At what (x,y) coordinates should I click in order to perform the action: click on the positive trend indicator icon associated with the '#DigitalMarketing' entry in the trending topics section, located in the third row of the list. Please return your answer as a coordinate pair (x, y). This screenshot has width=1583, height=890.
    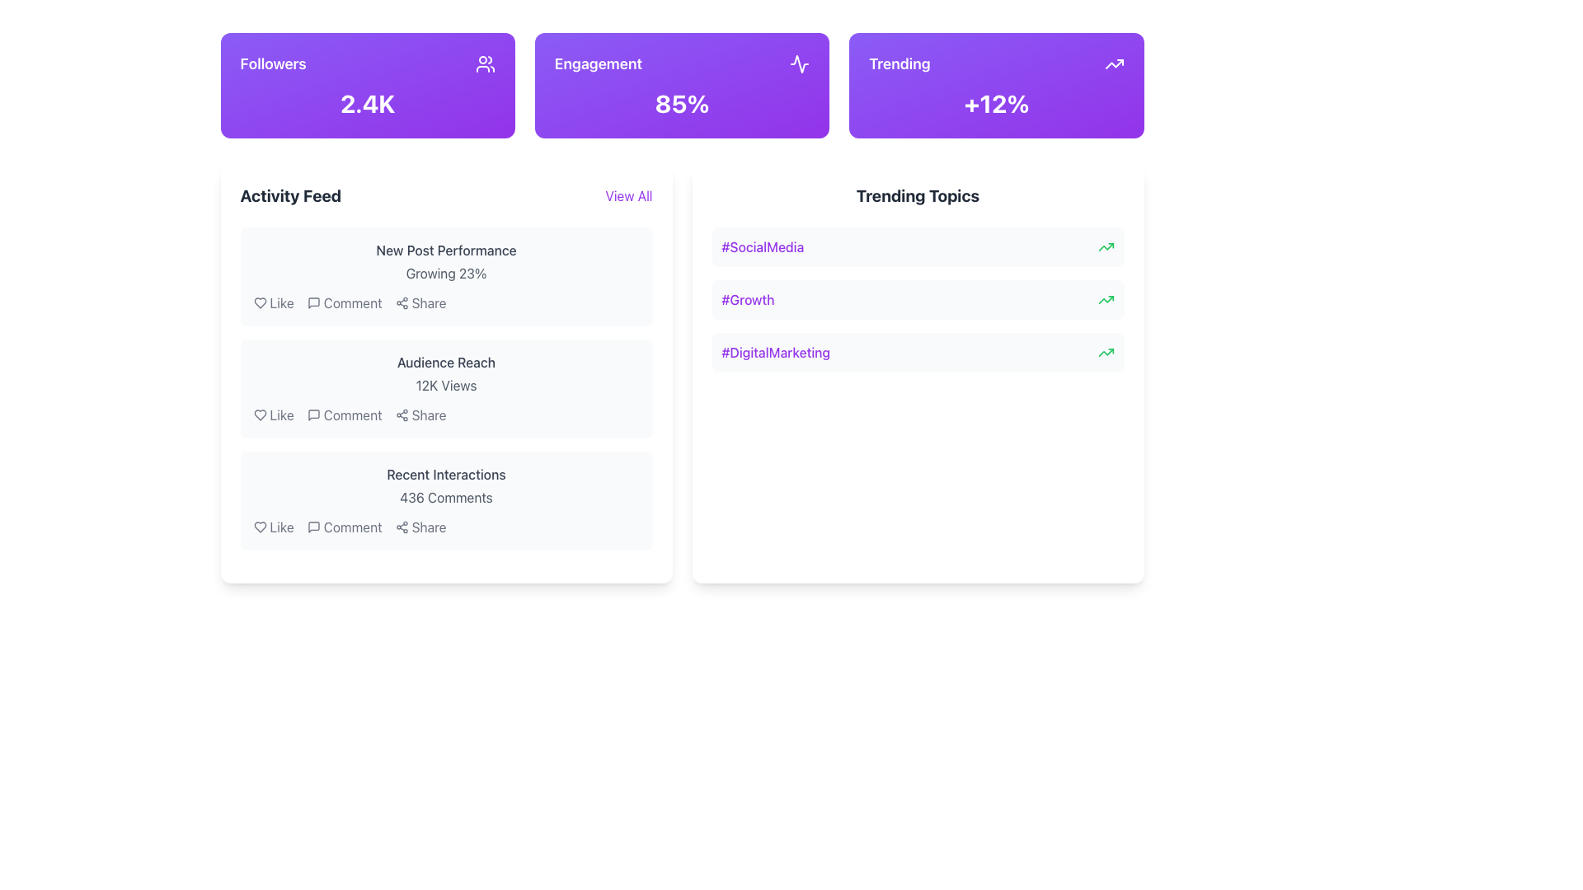
    Looking at the image, I should click on (1106, 352).